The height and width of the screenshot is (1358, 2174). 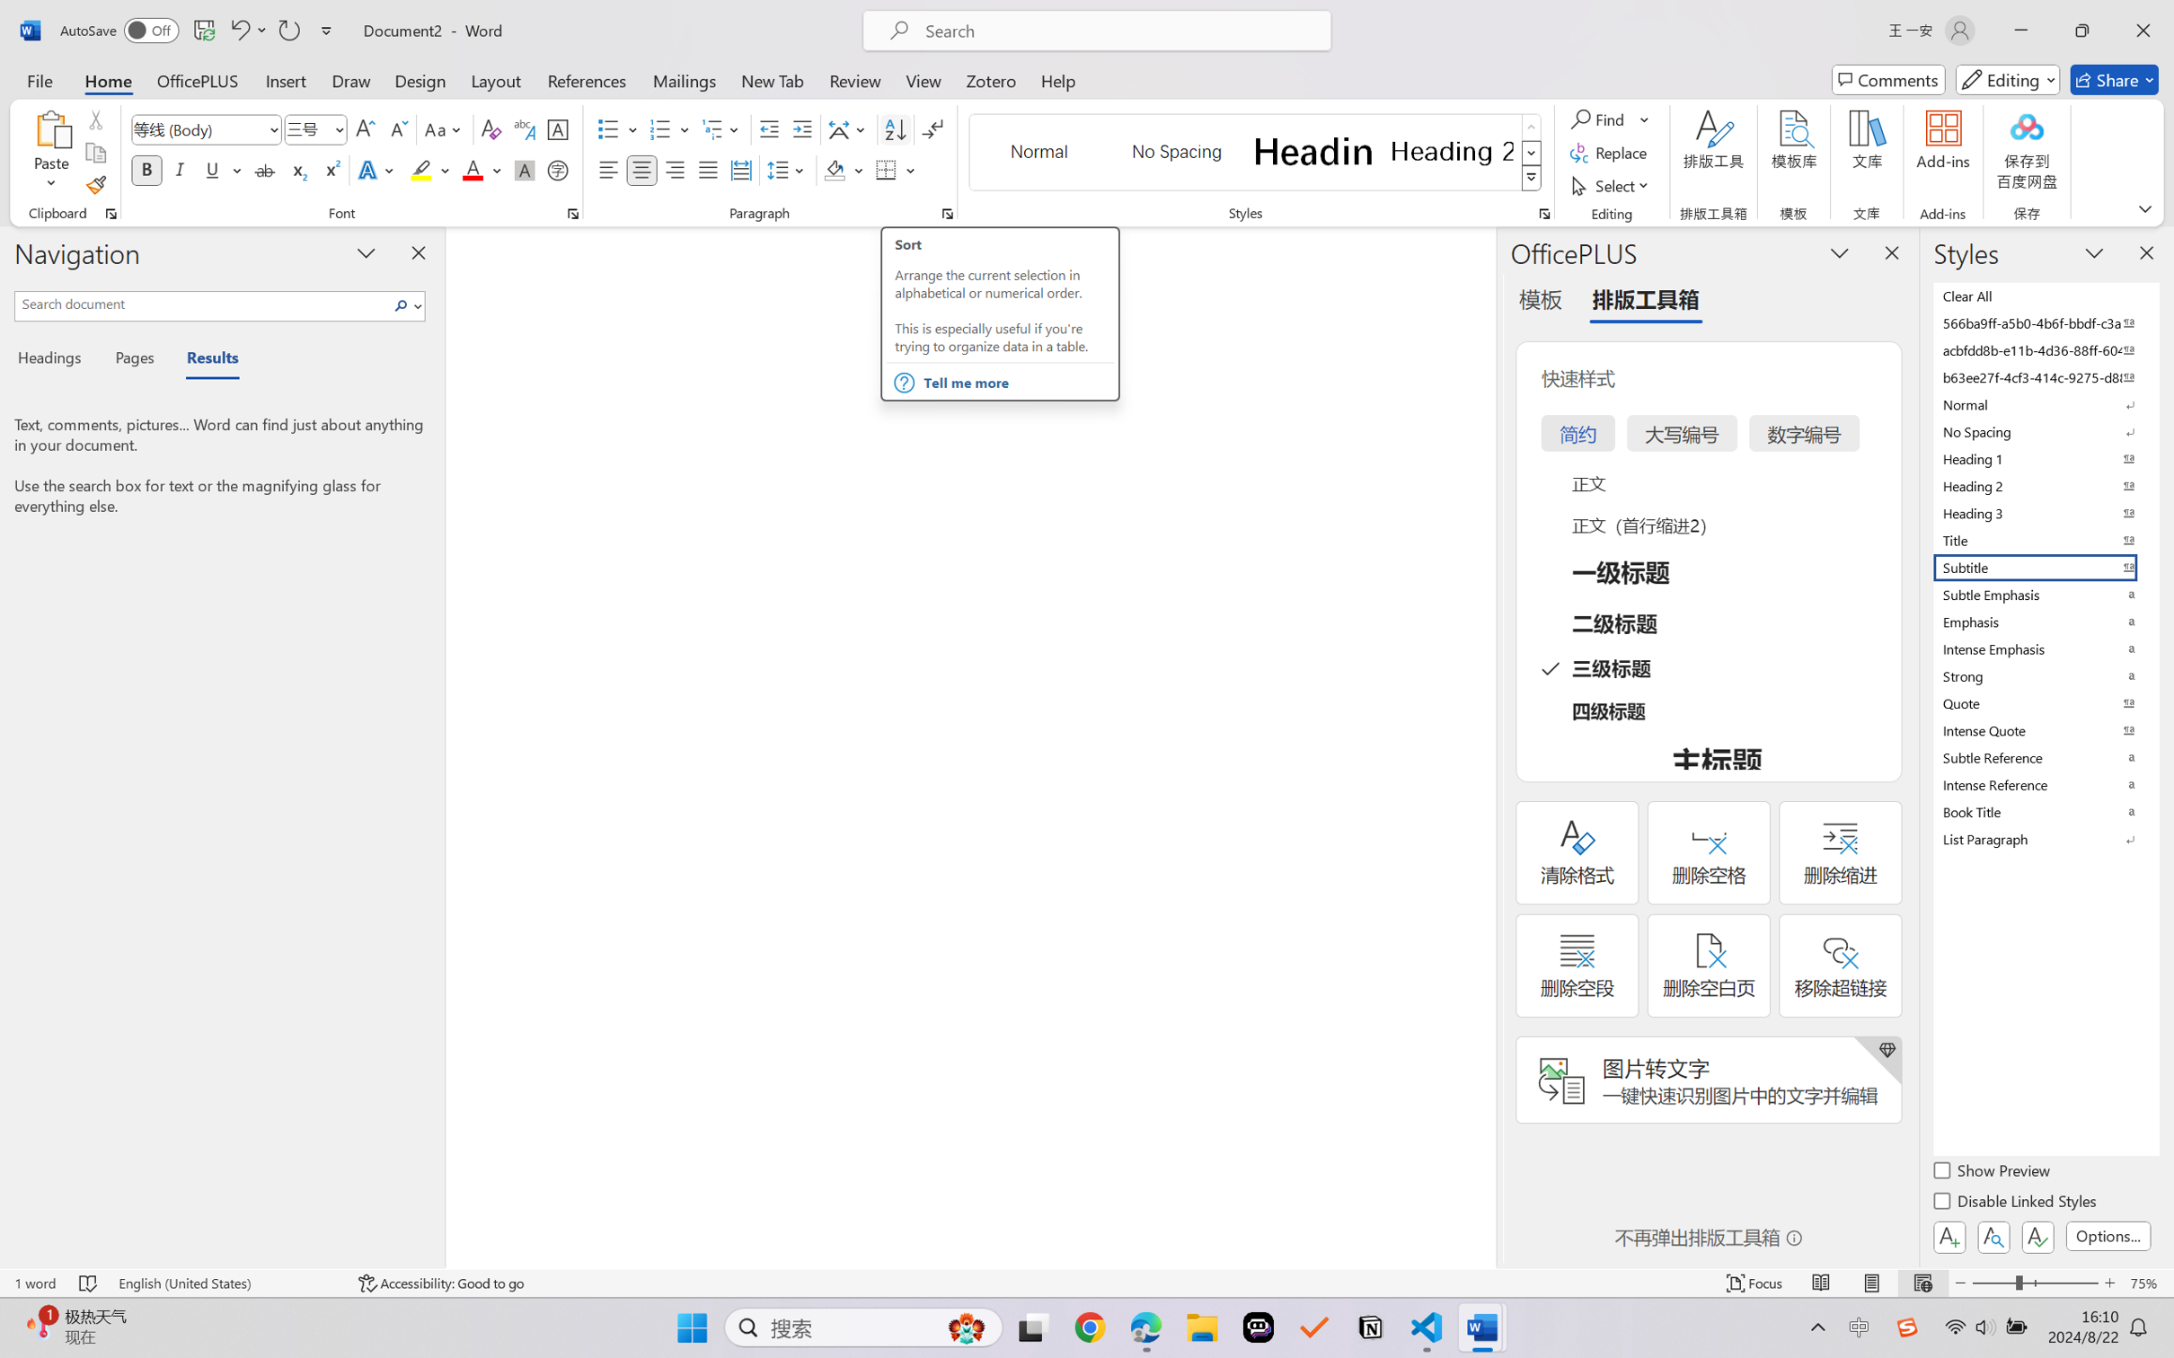 I want to click on 'Row up', so click(x=1530, y=127).